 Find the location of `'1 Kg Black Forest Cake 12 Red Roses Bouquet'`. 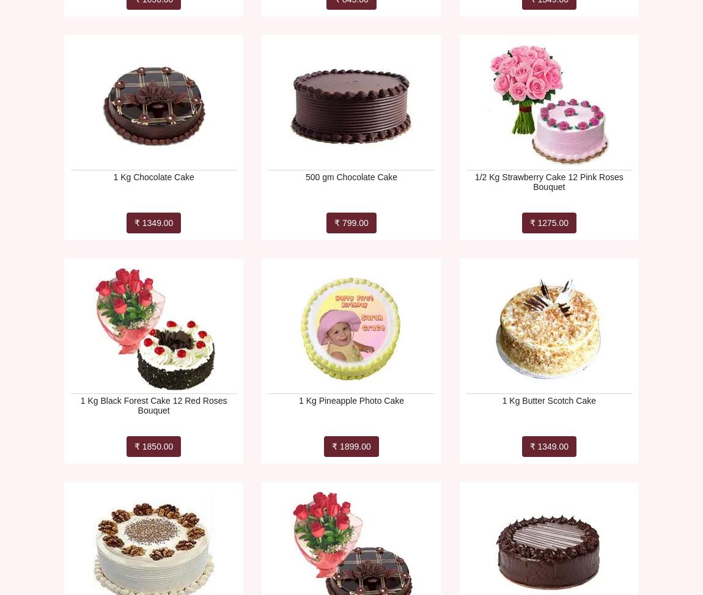

'1 Kg Black Forest Cake 12 Red Roses Bouquet' is located at coordinates (153, 405).